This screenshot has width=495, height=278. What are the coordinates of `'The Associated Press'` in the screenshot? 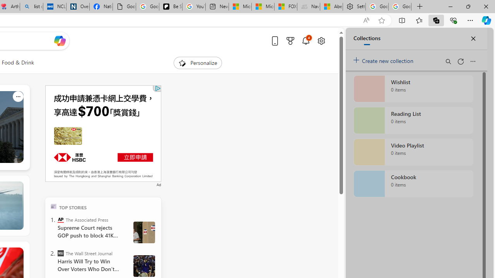 It's located at (60, 219).